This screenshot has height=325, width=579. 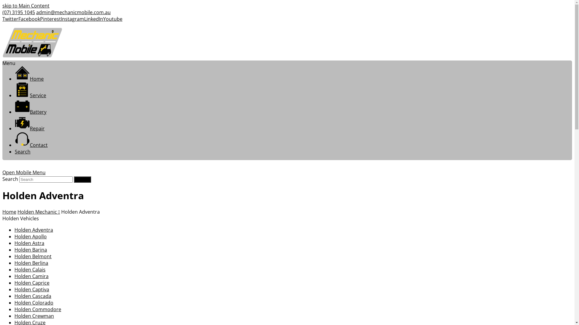 What do you see at coordinates (40, 18) in the screenshot?
I see `'Pinterest'` at bounding box center [40, 18].